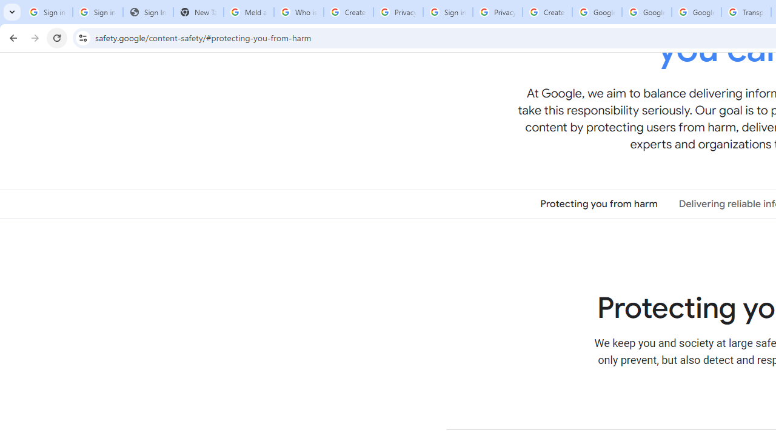  I want to click on 'Who is my administrator? - Google Account Help', so click(298, 12).